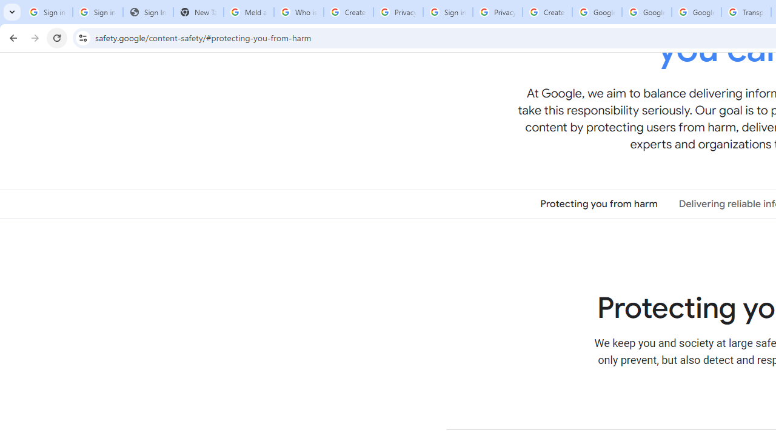  I want to click on 'Who is my administrator? - Google Account Help', so click(298, 12).